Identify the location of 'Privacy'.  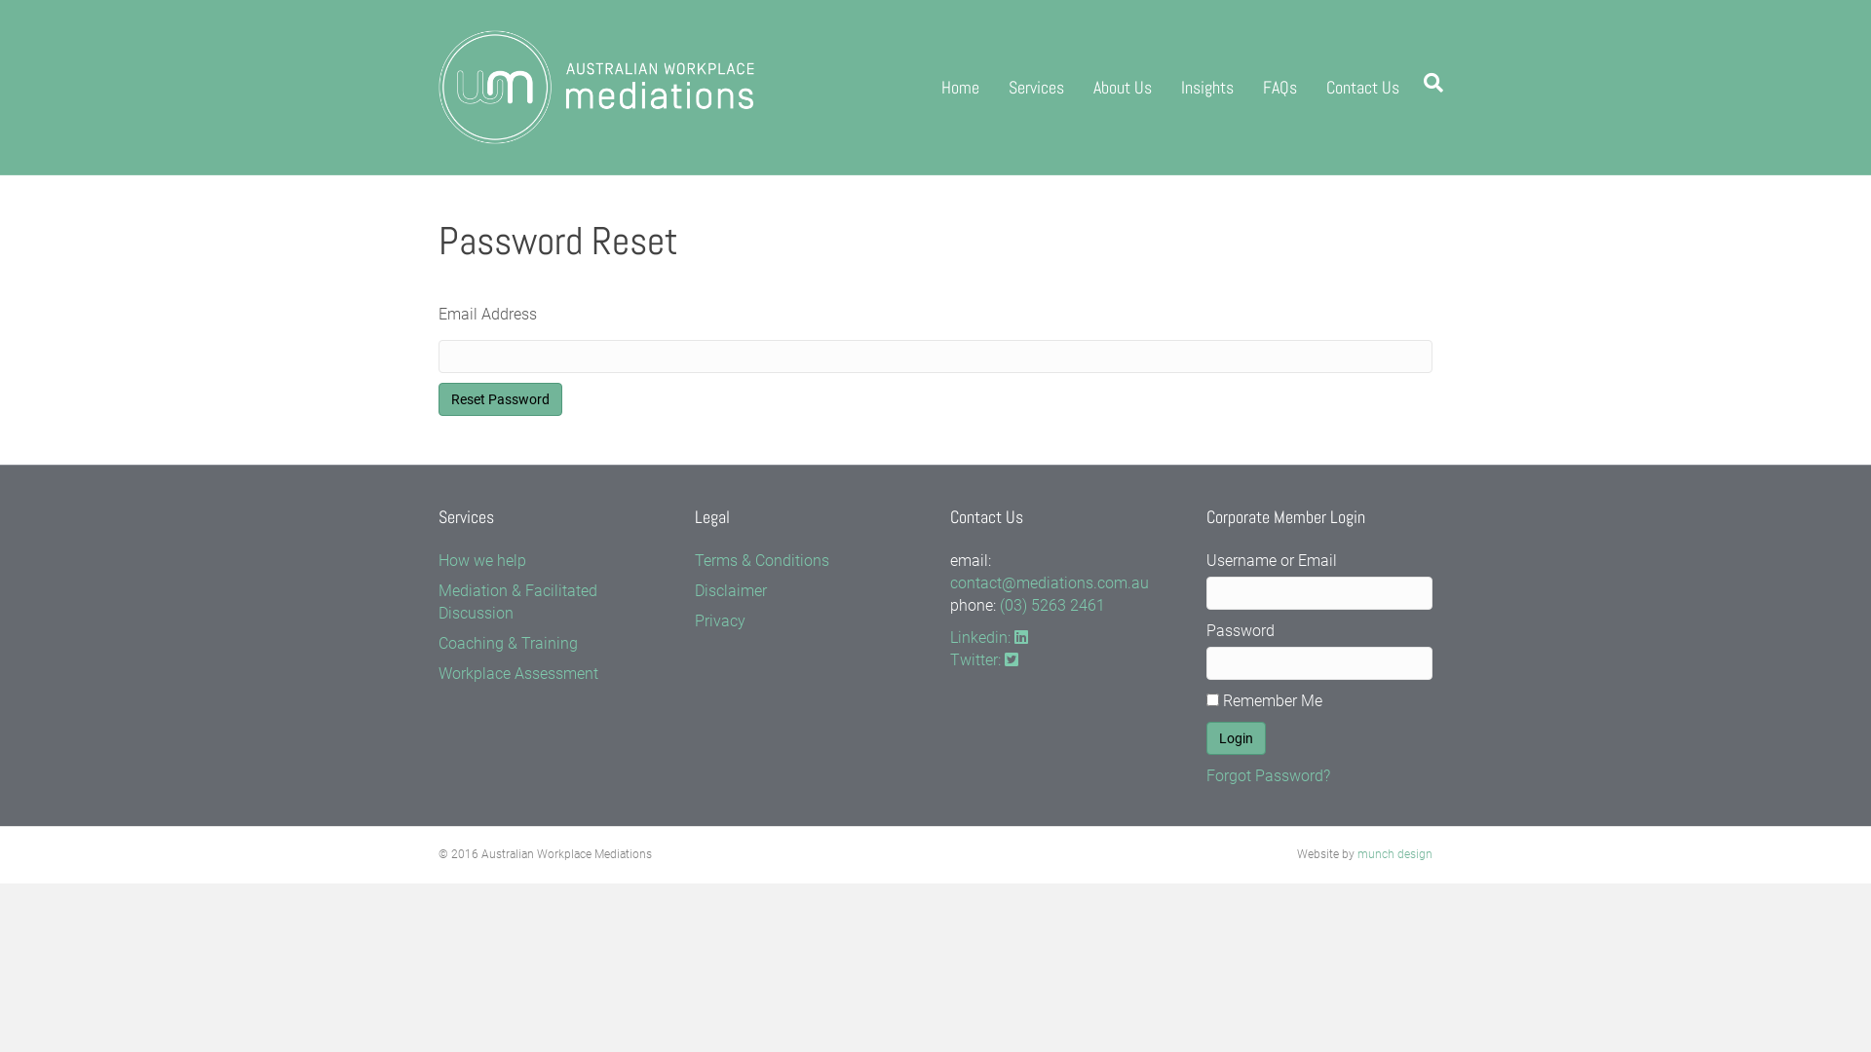
(718, 620).